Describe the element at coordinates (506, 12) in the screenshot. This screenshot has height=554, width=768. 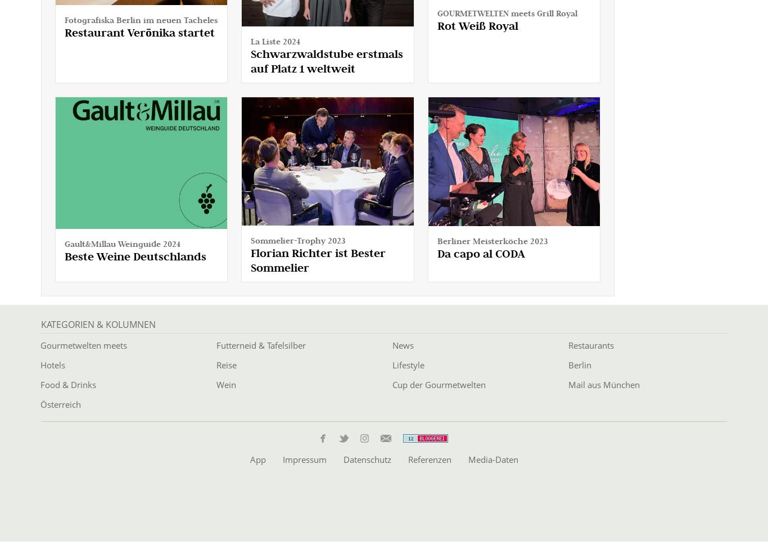
I see `'GOURMETWELTEN meets Grill Royal'` at that location.